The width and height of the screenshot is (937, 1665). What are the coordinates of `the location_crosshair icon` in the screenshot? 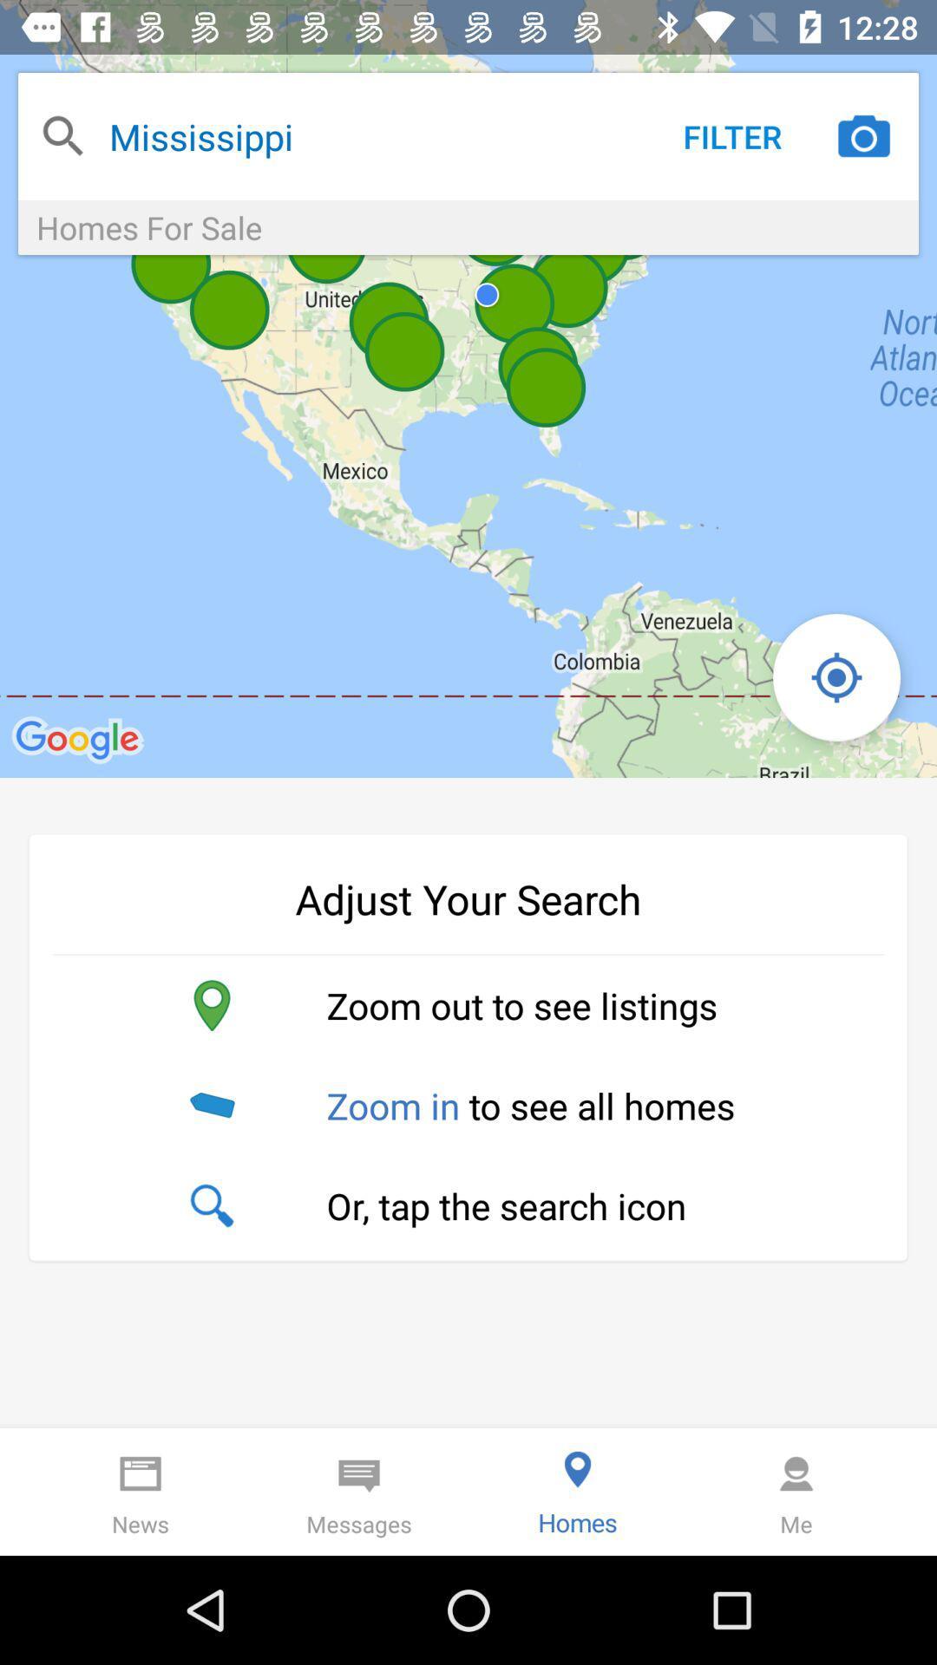 It's located at (835, 676).